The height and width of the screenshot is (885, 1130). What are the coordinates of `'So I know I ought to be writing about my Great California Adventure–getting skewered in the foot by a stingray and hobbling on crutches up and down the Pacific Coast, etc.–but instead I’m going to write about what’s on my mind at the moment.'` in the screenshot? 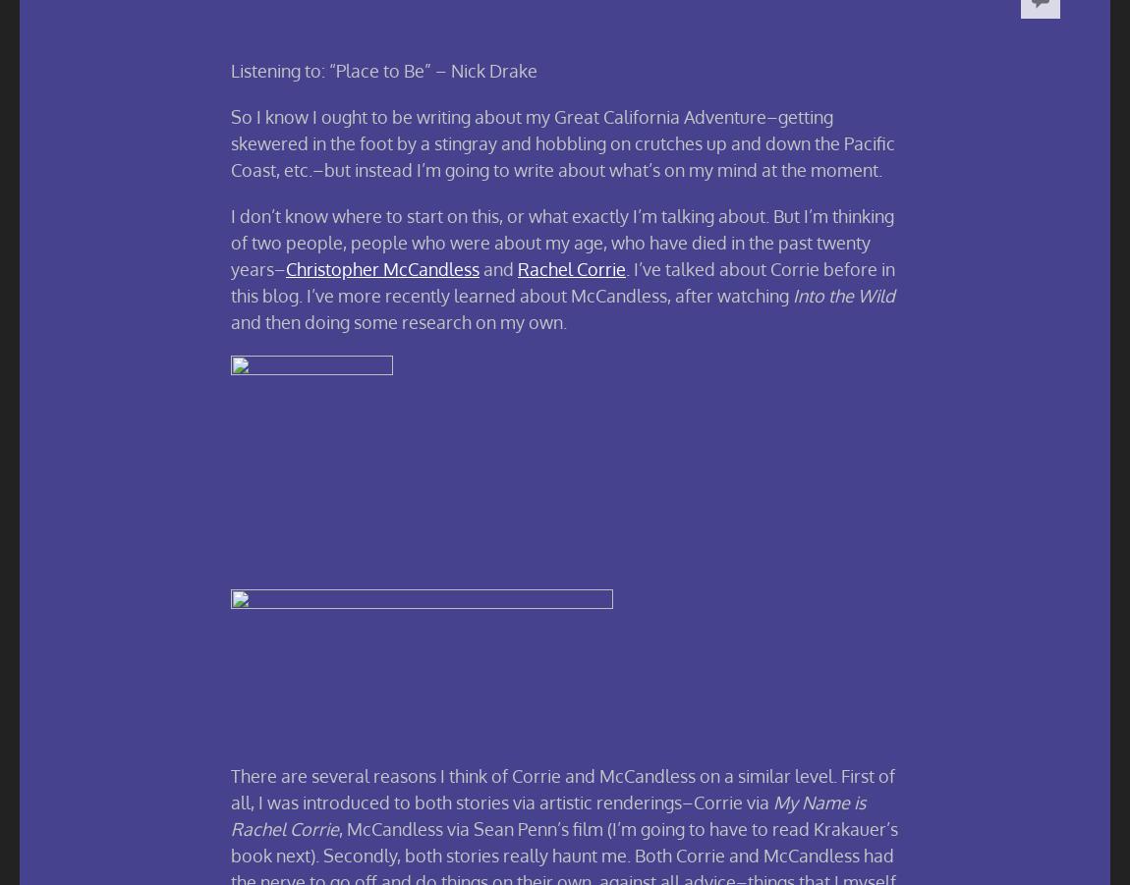 It's located at (563, 142).